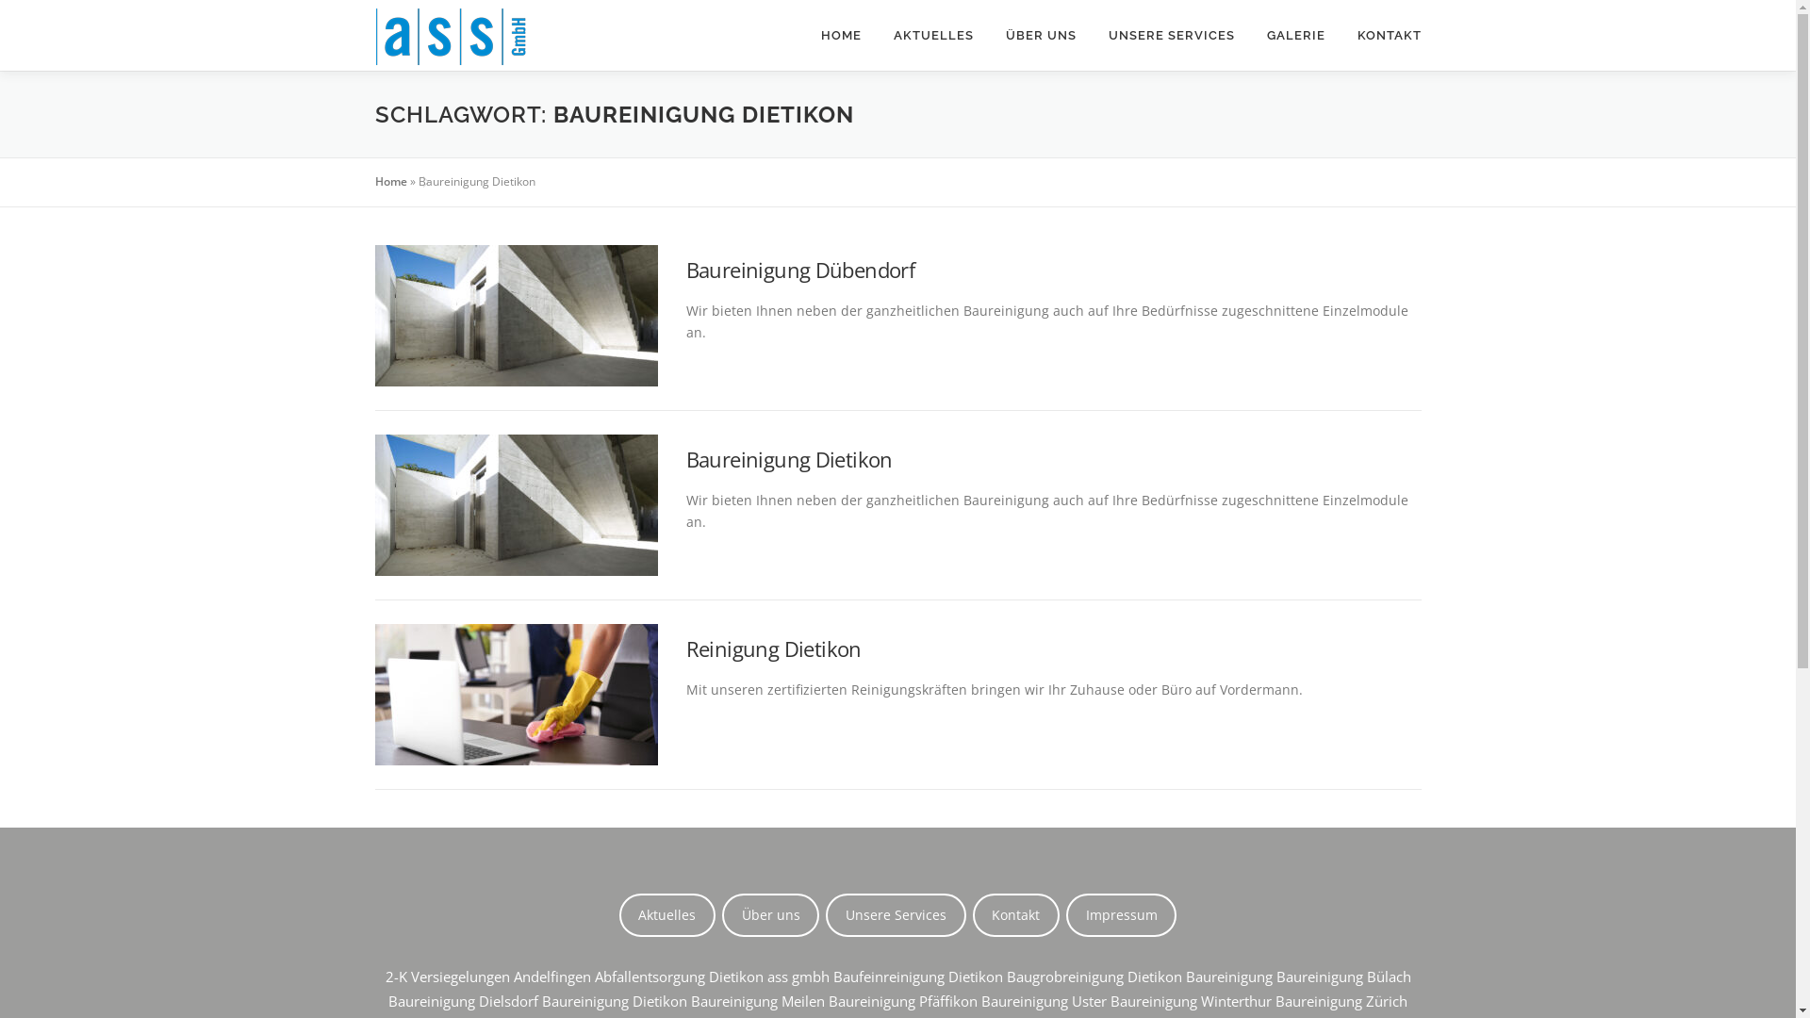 This screenshot has height=1018, width=1810. I want to click on 'Aktuelles', so click(667, 914).